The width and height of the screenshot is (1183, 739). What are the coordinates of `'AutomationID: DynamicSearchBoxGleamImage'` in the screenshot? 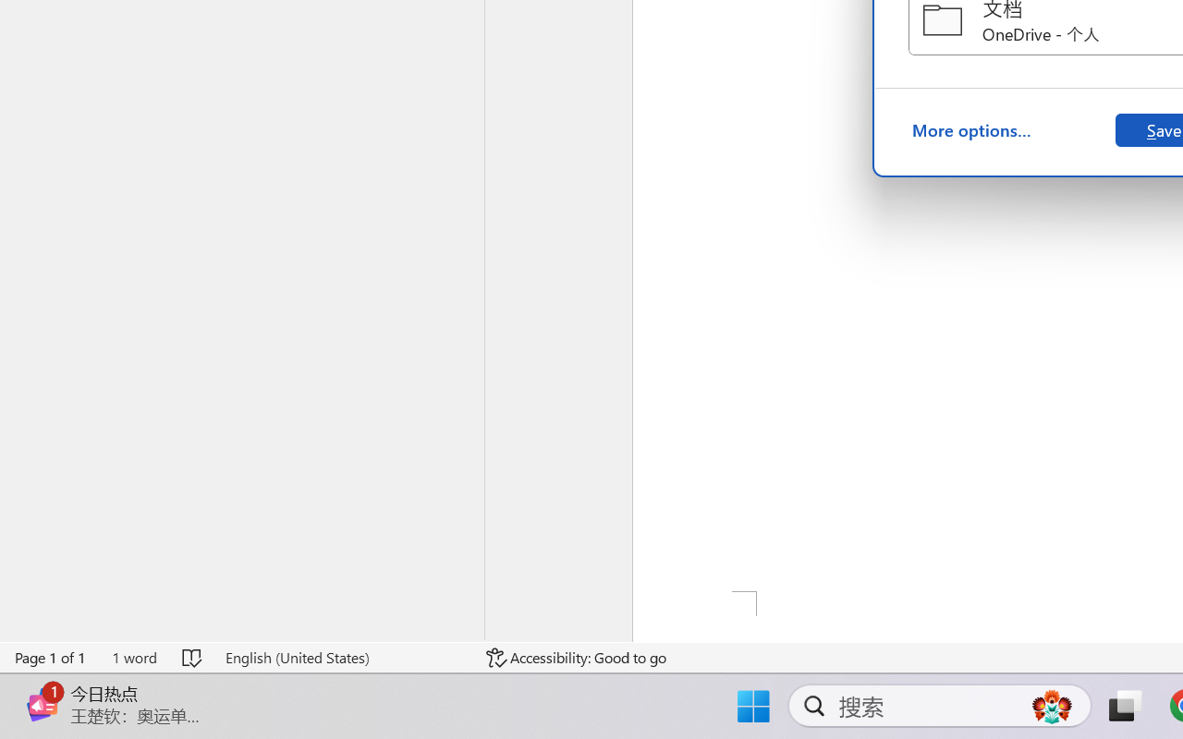 It's located at (1052, 706).